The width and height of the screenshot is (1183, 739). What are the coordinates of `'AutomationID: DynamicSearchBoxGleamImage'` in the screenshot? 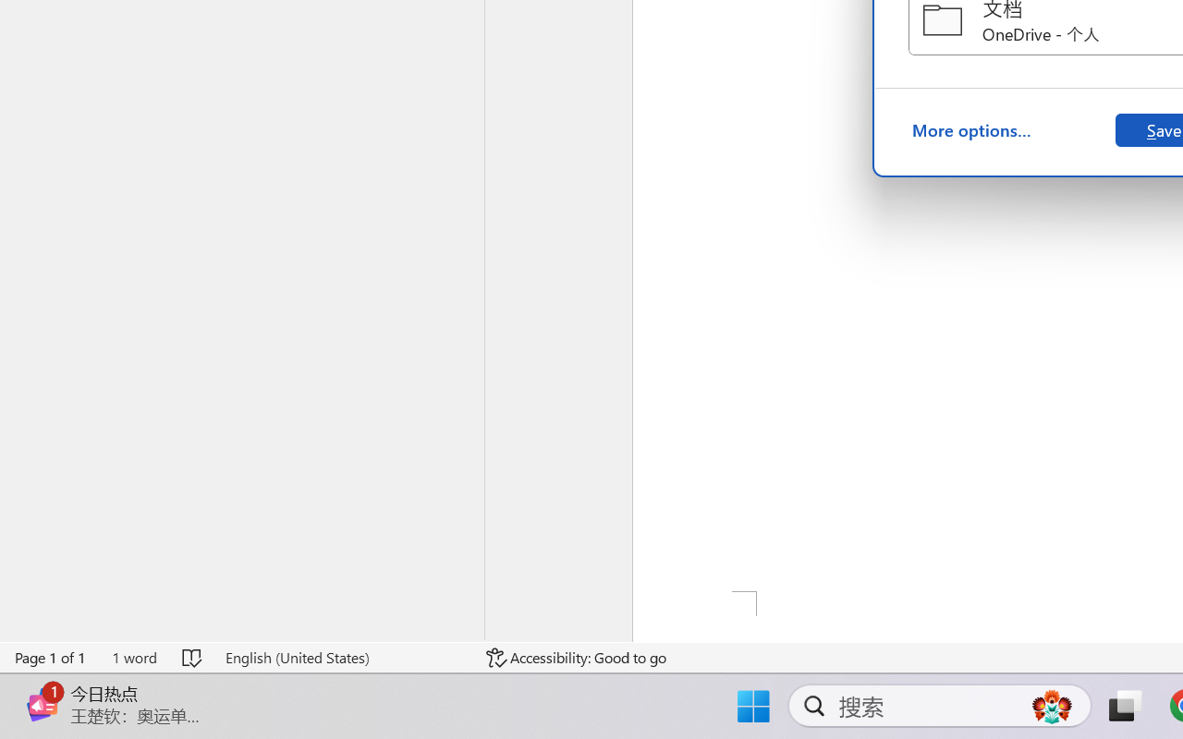 It's located at (1052, 706).